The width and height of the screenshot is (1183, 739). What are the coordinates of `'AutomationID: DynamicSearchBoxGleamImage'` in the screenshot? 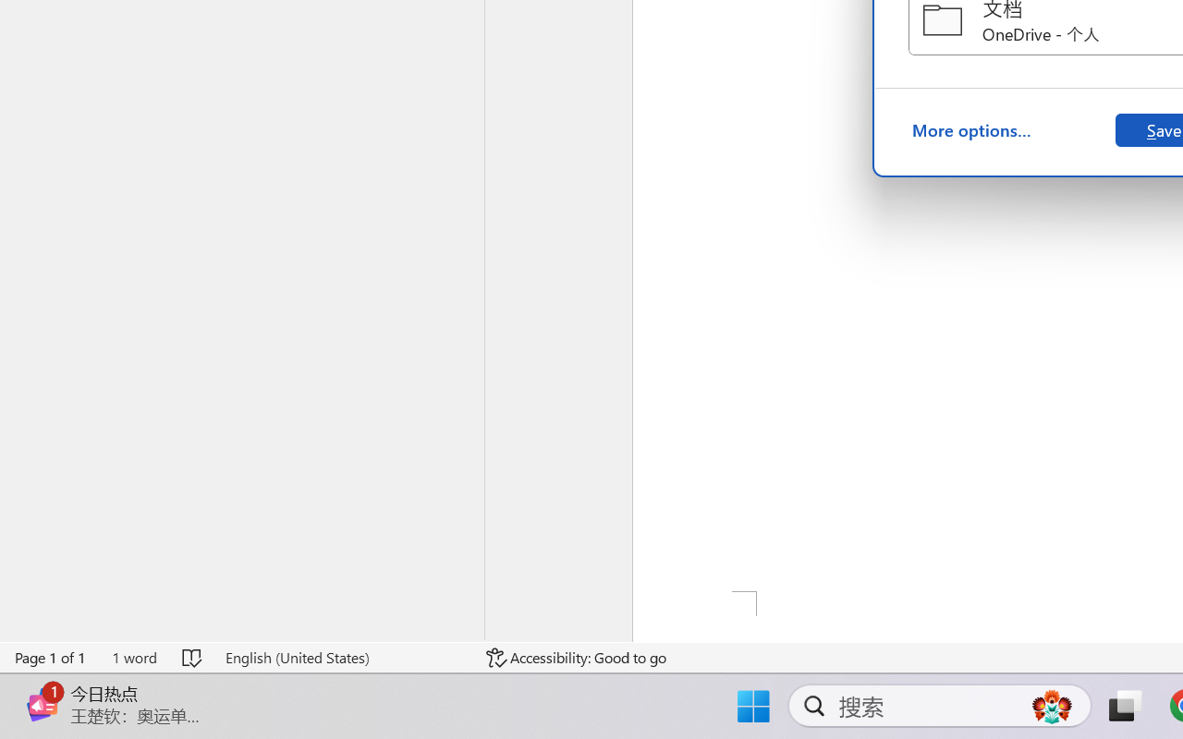 It's located at (1052, 706).